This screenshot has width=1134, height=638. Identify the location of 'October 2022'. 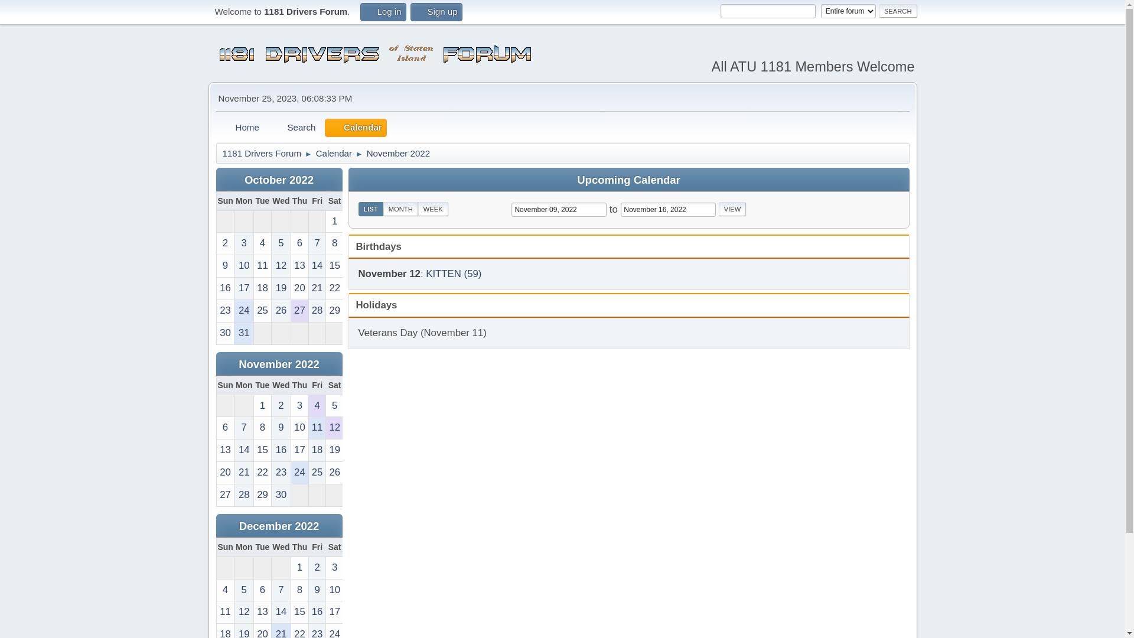
(278, 180).